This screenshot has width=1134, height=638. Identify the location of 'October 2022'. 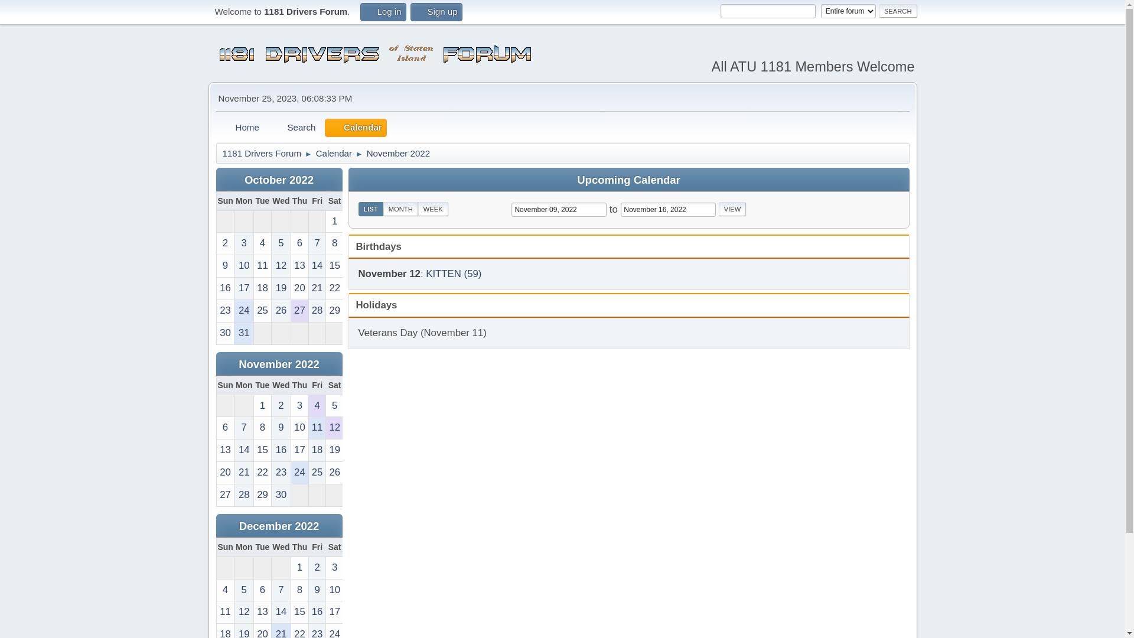
(278, 180).